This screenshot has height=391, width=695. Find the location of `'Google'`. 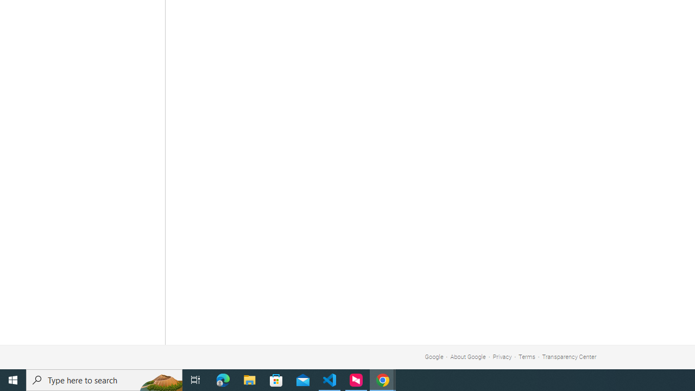

'Google' is located at coordinates (433, 357).